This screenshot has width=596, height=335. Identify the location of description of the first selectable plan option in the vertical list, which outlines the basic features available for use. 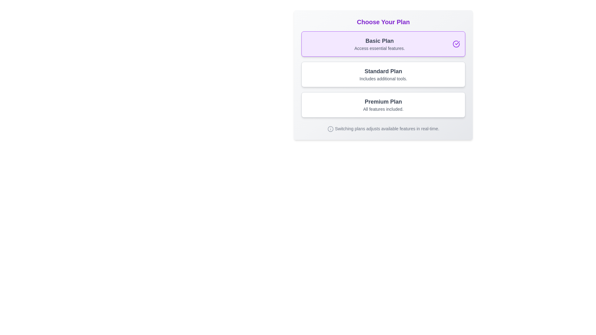
(379, 44).